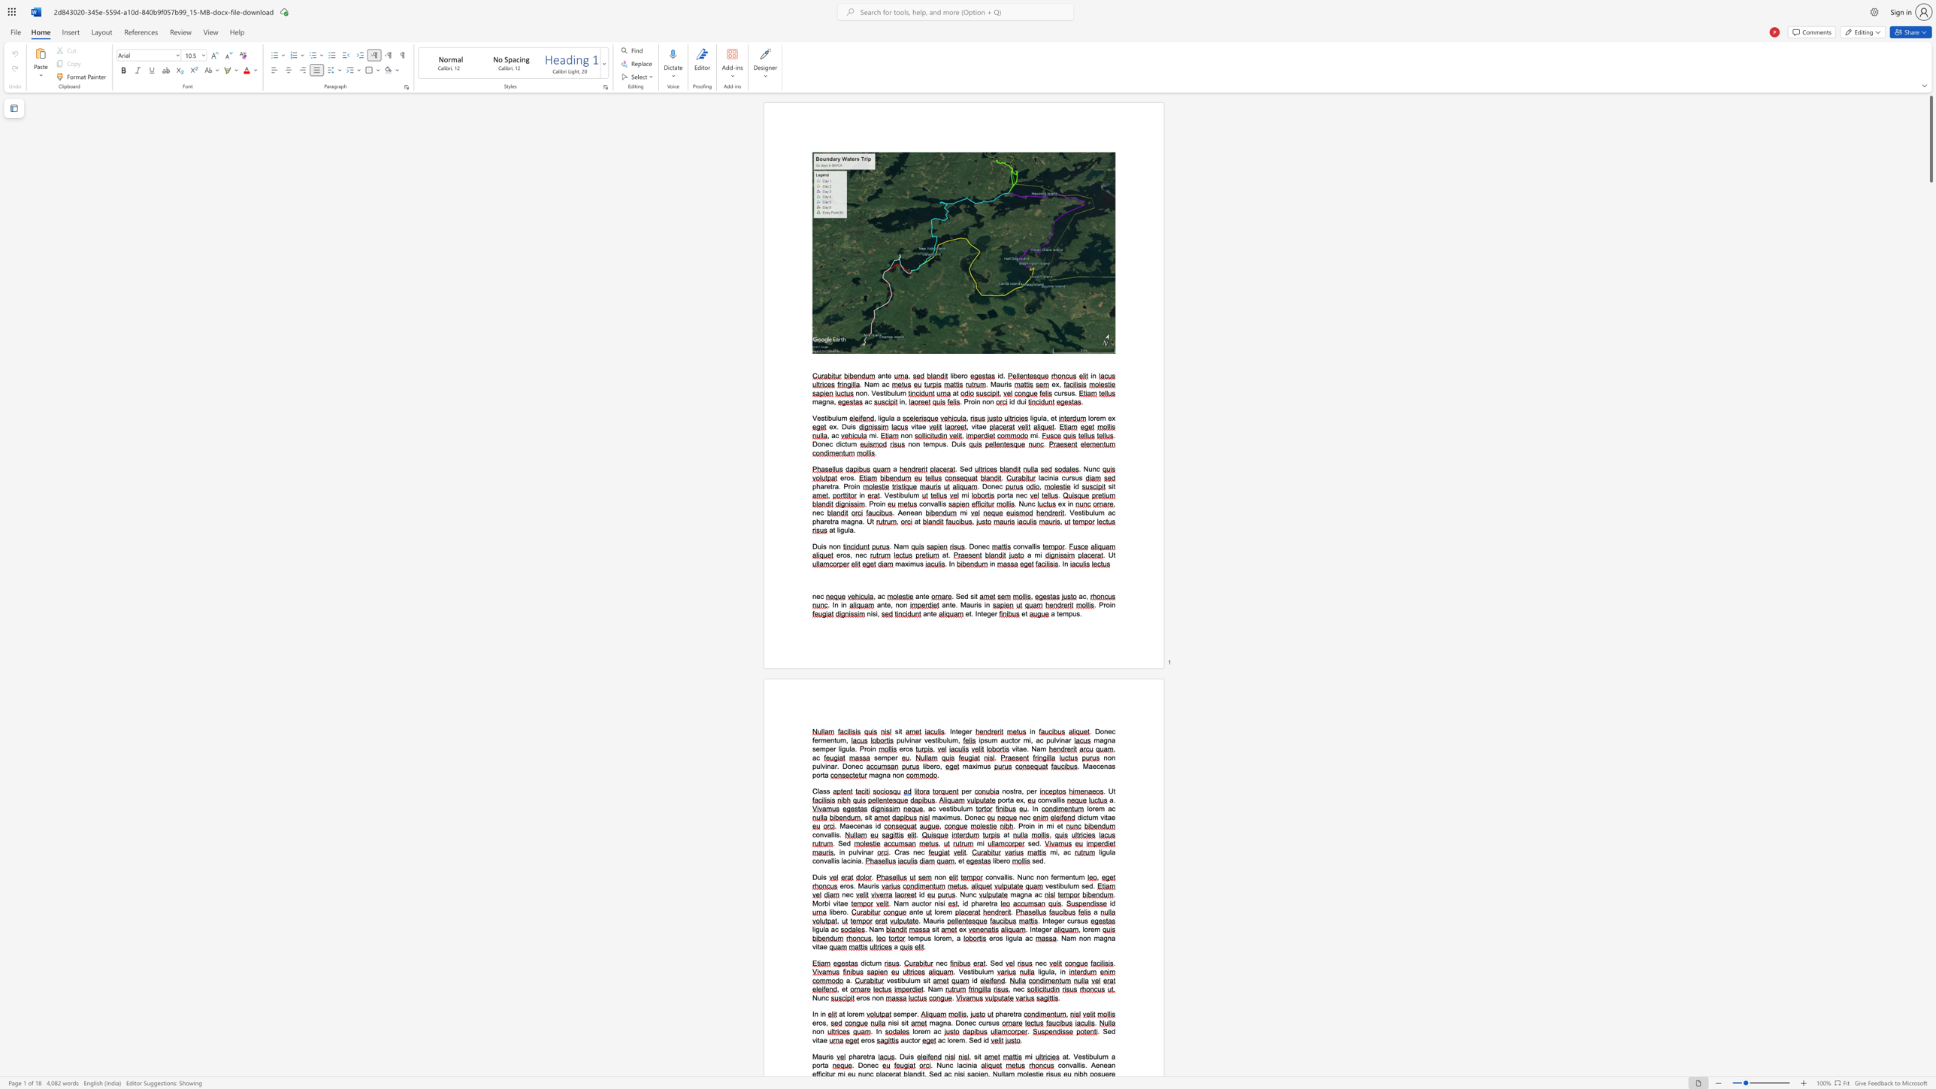 The height and width of the screenshot is (1089, 1936). I want to click on the 2th character "c" in the text, so click(963, 1064).